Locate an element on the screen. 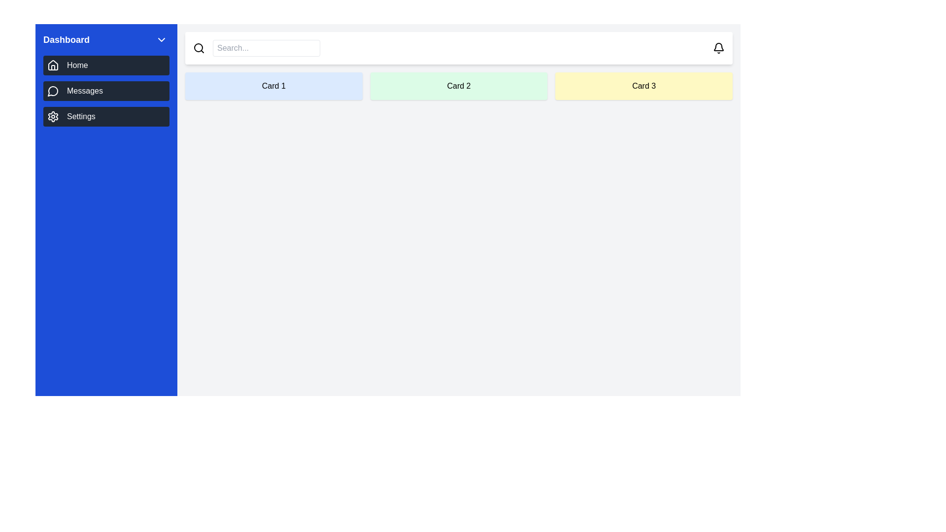 The image size is (946, 532). the cogwheel icon in the left-hand sidebar, which represents the 'Settings' menu item is located at coordinates (53, 116).